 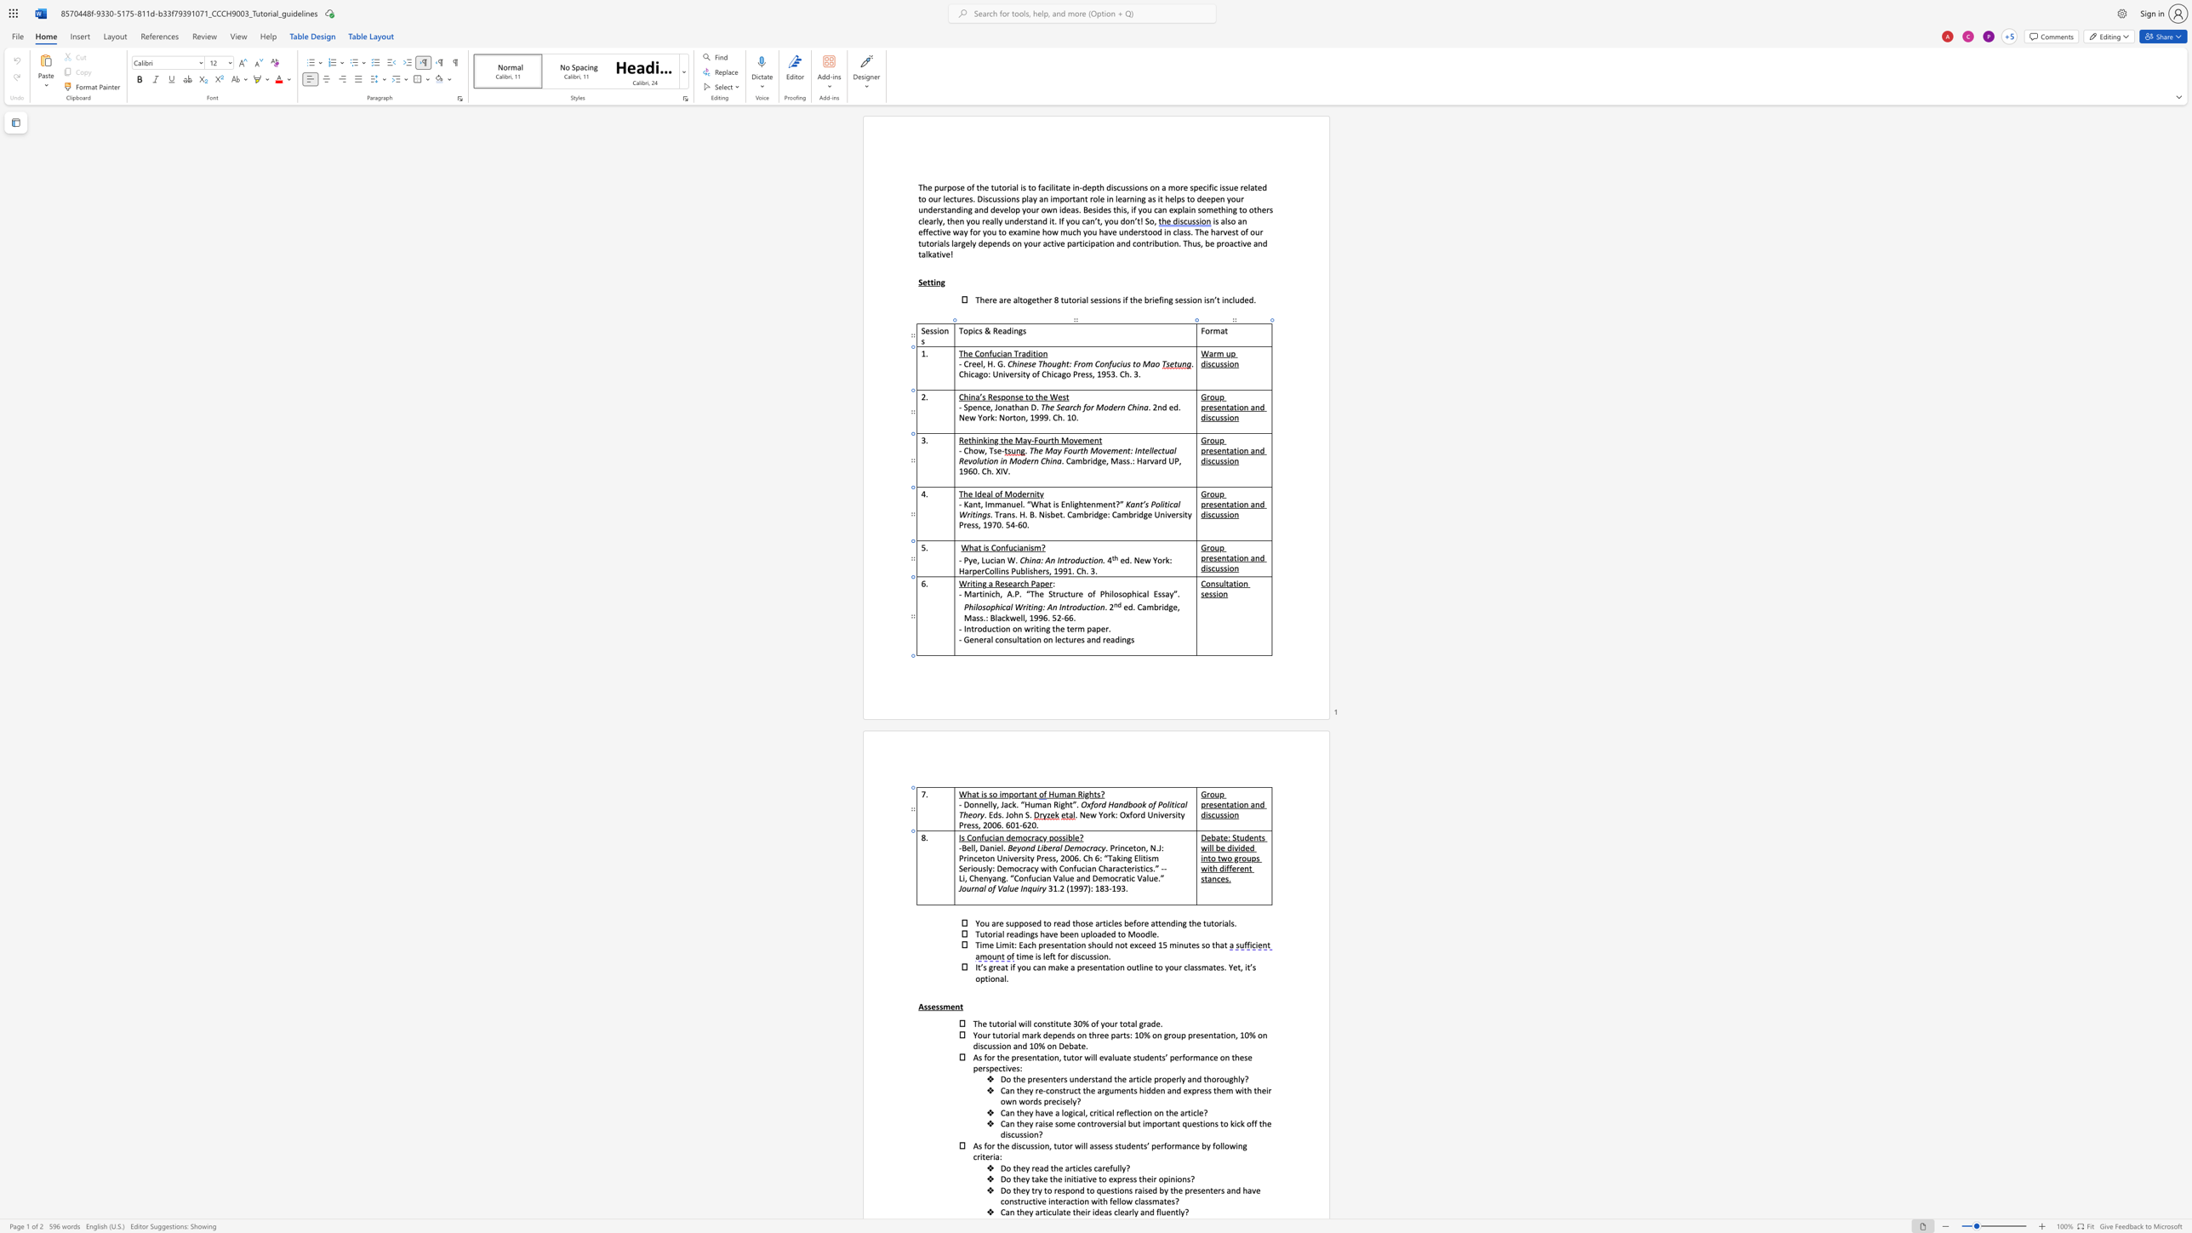 I want to click on the space between the continuous character "c" and "u" in the text, so click(x=1215, y=813).